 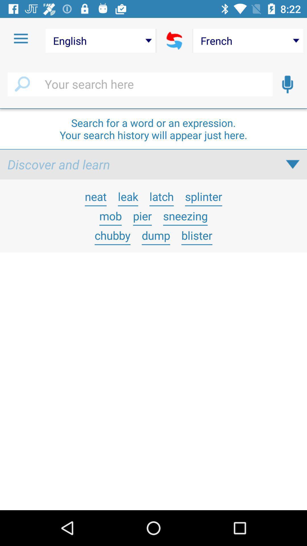 What do you see at coordinates (174, 40) in the screenshot?
I see `switch origin language` at bounding box center [174, 40].